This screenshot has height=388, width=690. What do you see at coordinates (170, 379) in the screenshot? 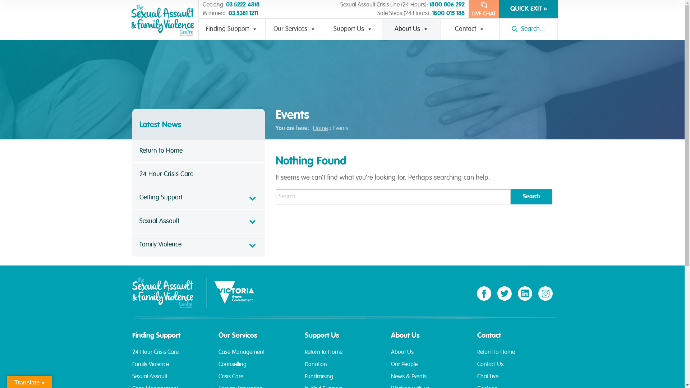
I see `'Sexual Assault'` at bounding box center [170, 379].